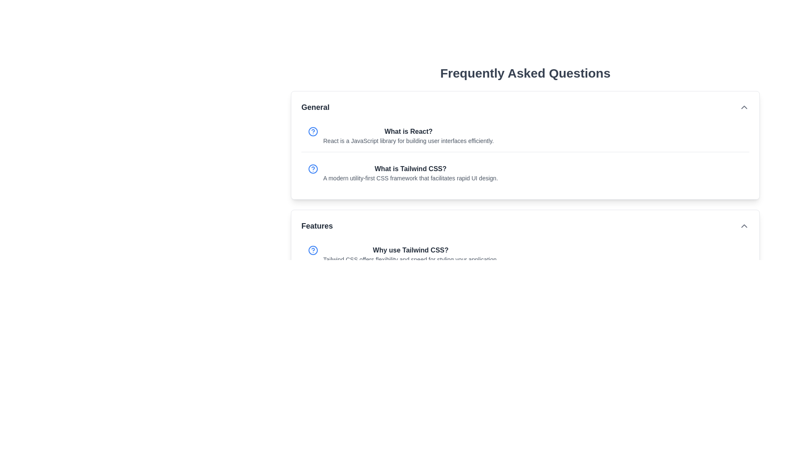  Describe the element at coordinates (312, 169) in the screenshot. I see `the appearance of the vector-based circular component rendered as an SVG located next to the 'What is Tailwind CSS?' question in the 'General' section` at that location.